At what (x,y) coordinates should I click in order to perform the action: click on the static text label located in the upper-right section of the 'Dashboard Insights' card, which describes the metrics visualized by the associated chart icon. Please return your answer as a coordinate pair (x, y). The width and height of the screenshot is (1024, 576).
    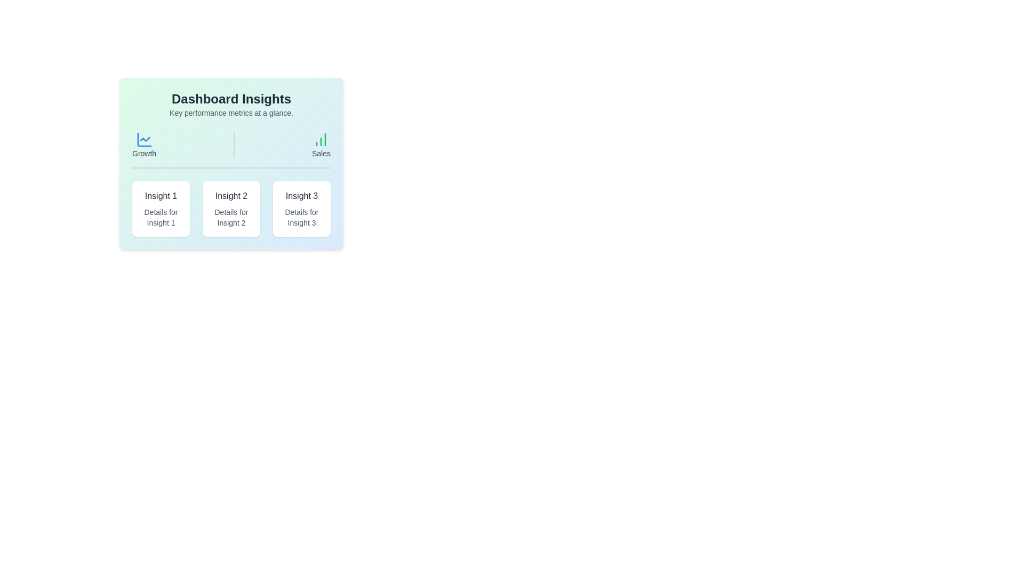
    Looking at the image, I should click on (321, 154).